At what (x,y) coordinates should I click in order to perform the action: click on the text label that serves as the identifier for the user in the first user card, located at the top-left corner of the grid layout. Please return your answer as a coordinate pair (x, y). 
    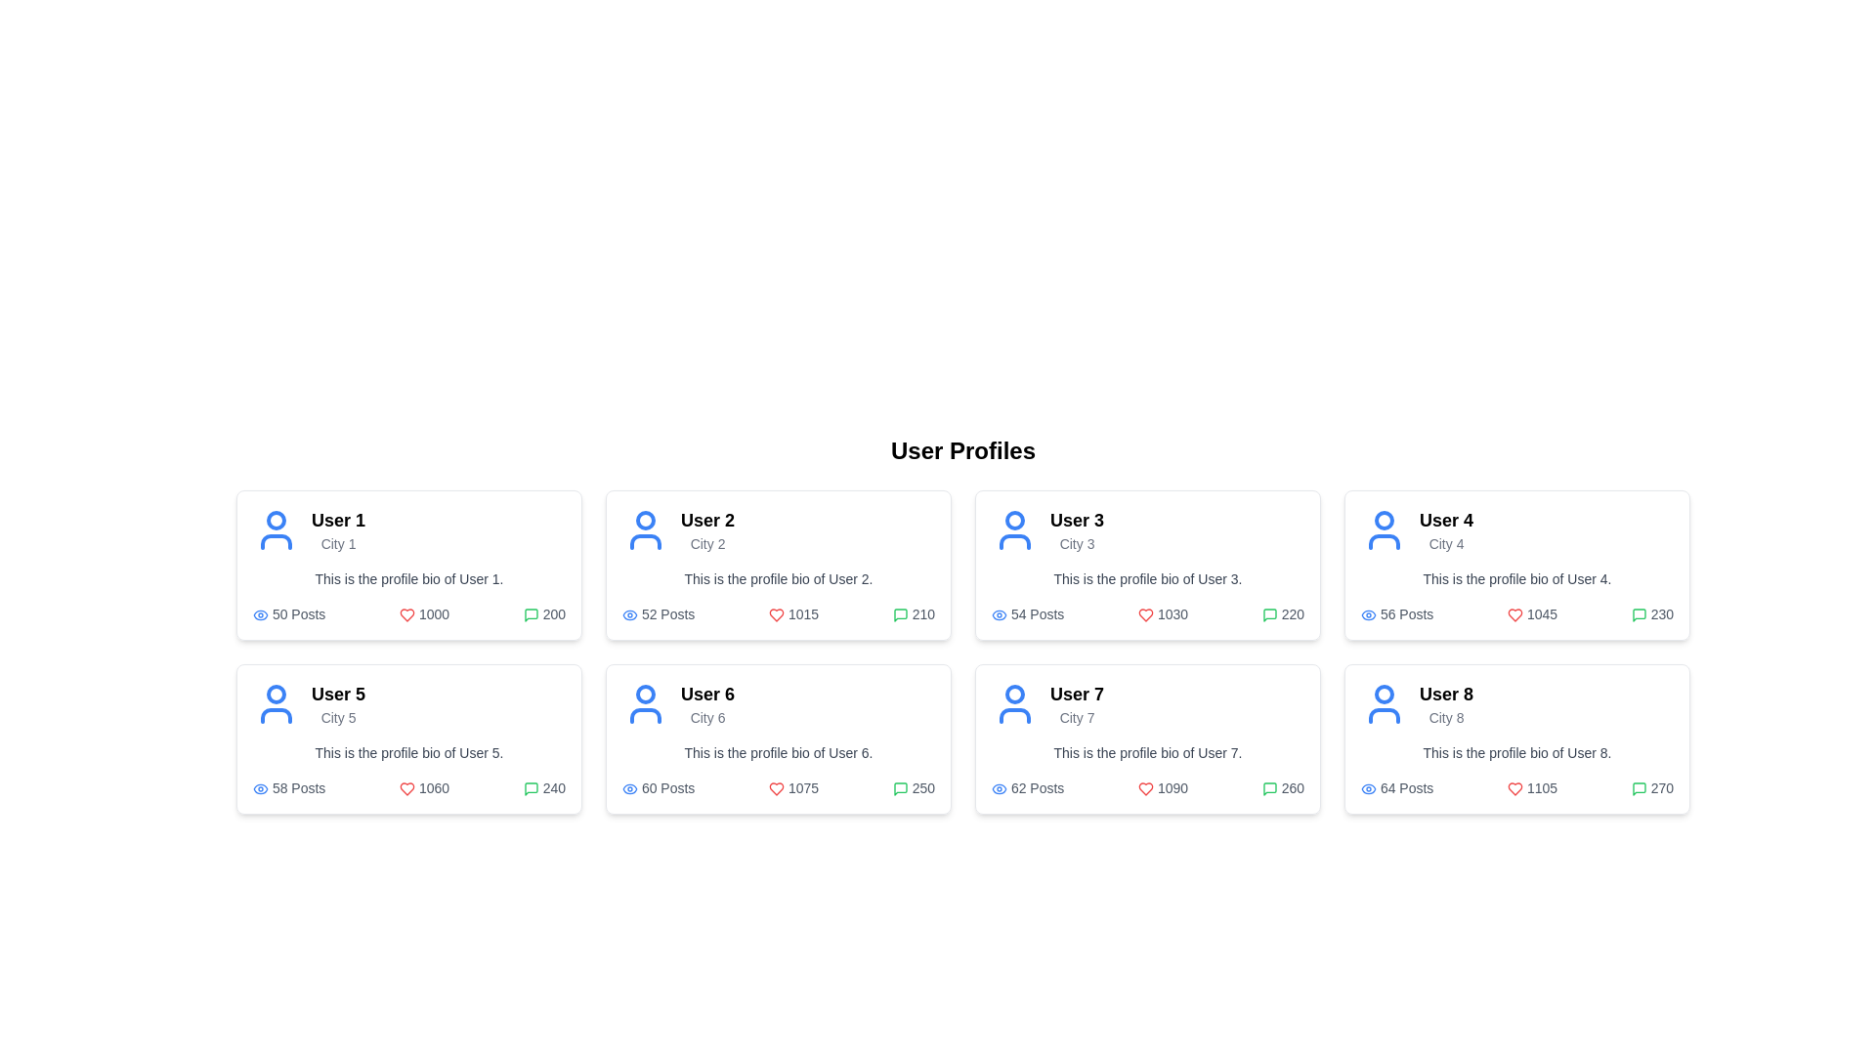
    Looking at the image, I should click on (338, 519).